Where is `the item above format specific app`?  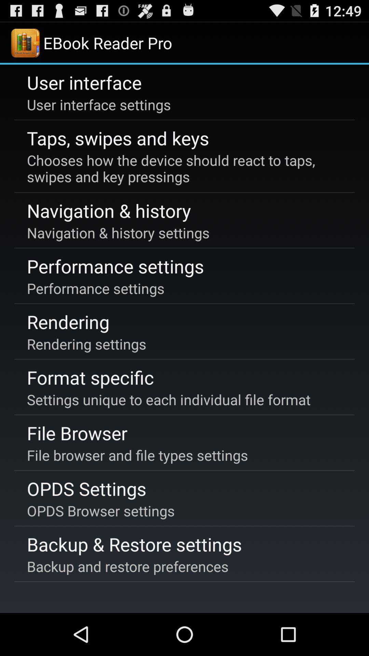
the item above format specific app is located at coordinates (86, 344).